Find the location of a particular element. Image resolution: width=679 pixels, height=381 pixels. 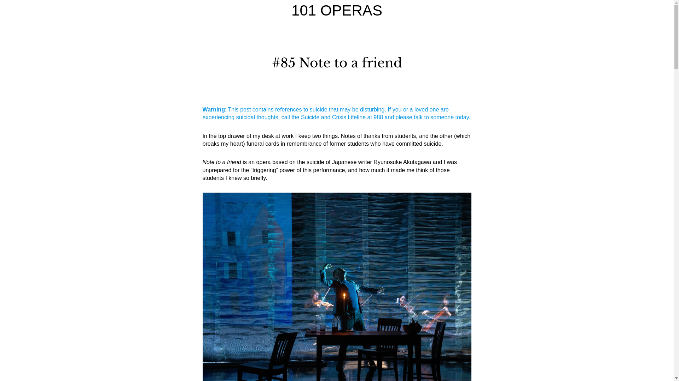

'101 OPERAS' is located at coordinates (336, 10).